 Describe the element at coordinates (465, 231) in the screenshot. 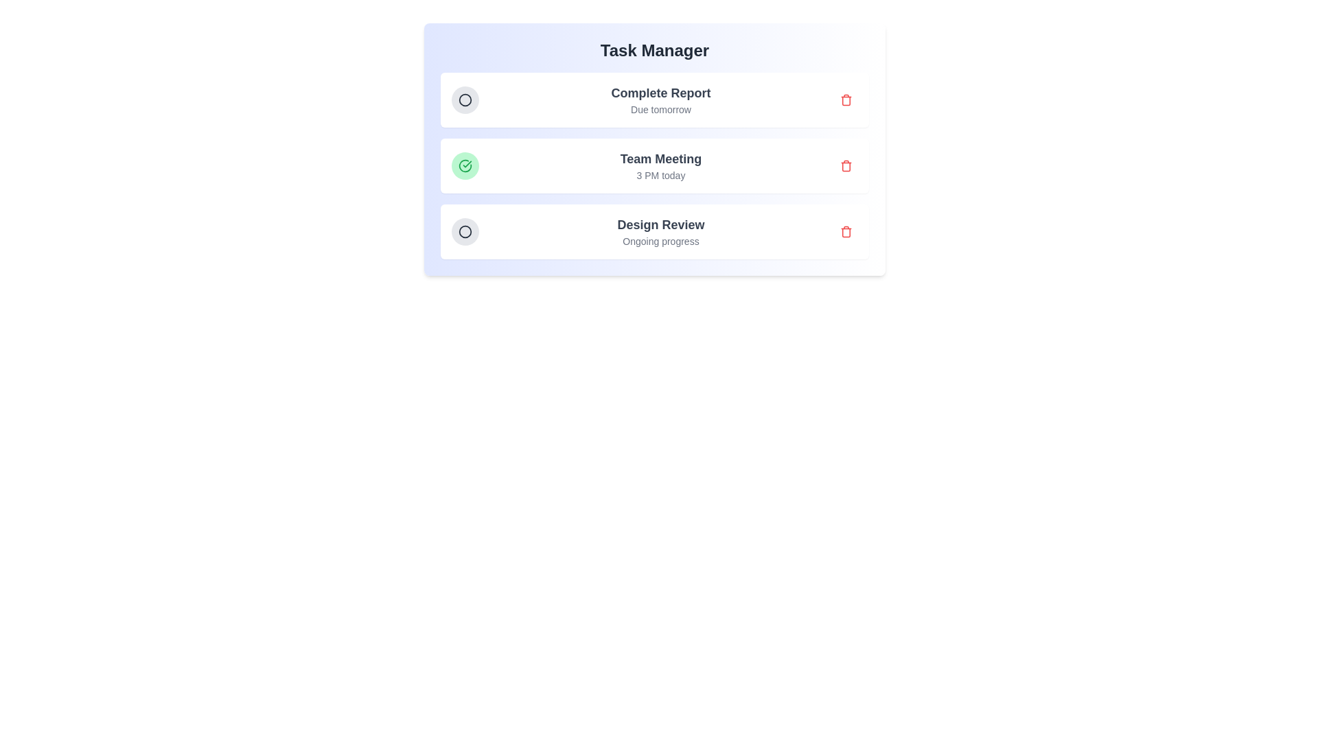

I see `the radio button located to the left of the 'Design Review' title in the bottom-most list item of the 'Task Manager' panel` at that location.